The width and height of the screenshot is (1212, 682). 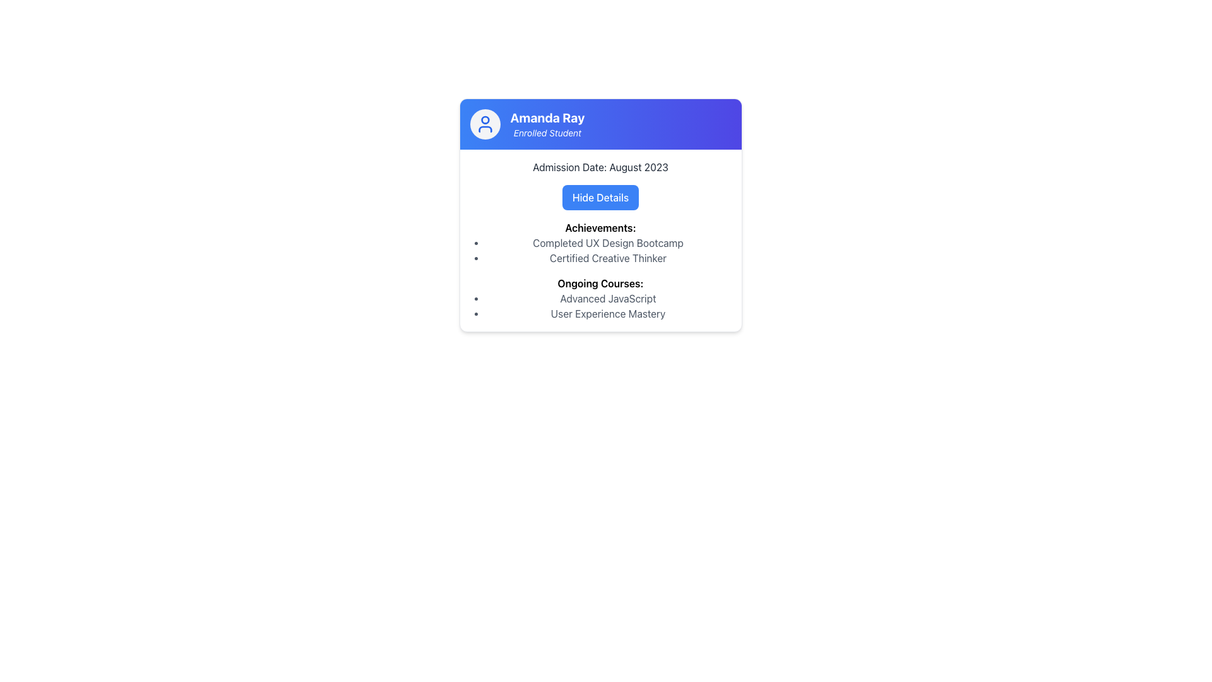 I want to click on the Text Display Block that displays ongoing course details, located below the 'Achievements:' section, for emphasis, so click(x=600, y=299).